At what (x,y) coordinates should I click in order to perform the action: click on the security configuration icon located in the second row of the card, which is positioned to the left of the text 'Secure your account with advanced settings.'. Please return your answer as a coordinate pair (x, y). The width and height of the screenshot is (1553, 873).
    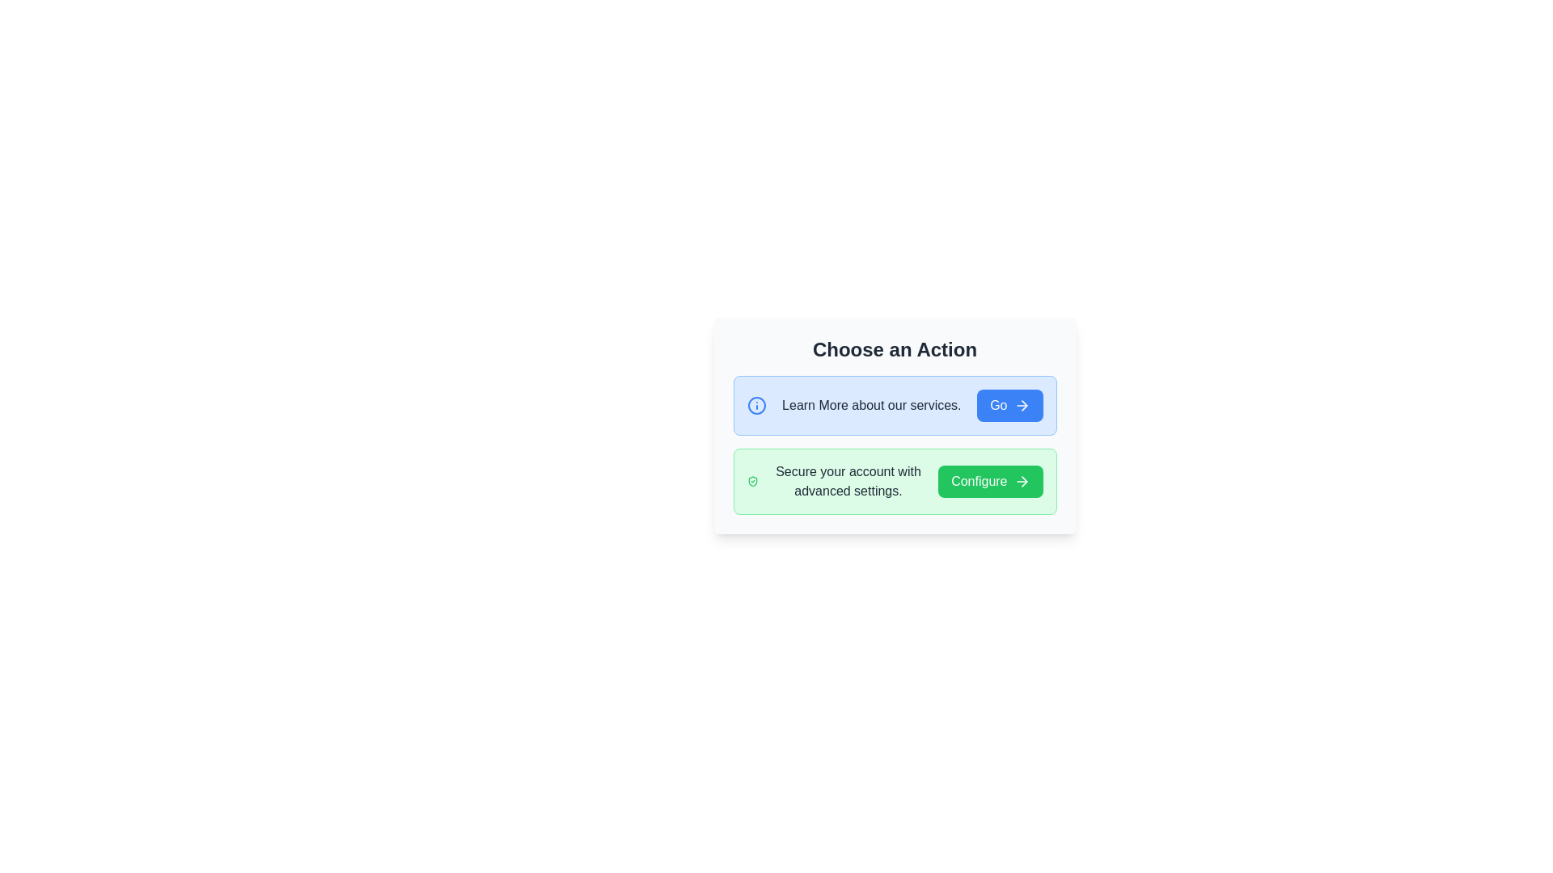
    Looking at the image, I should click on (751, 481).